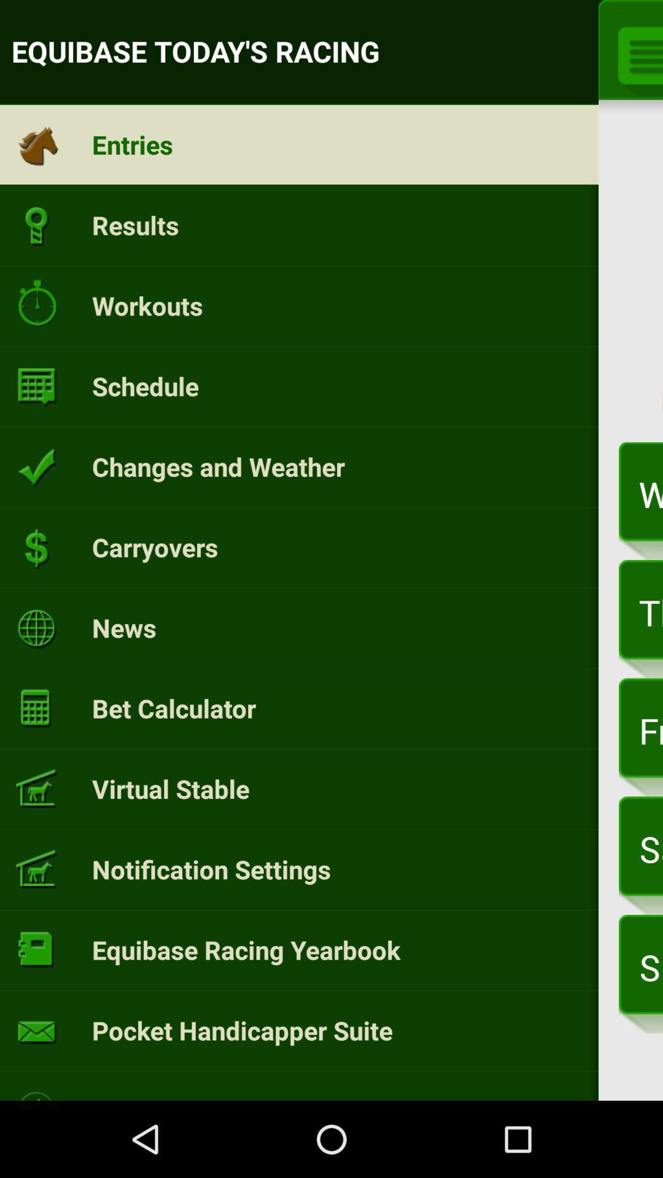 Image resolution: width=663 pixels, height=1178 pixels. What do you see at coordinates (635, 56) in the screenshot?
I see `the menu icon` at bounding box center [635, 56].